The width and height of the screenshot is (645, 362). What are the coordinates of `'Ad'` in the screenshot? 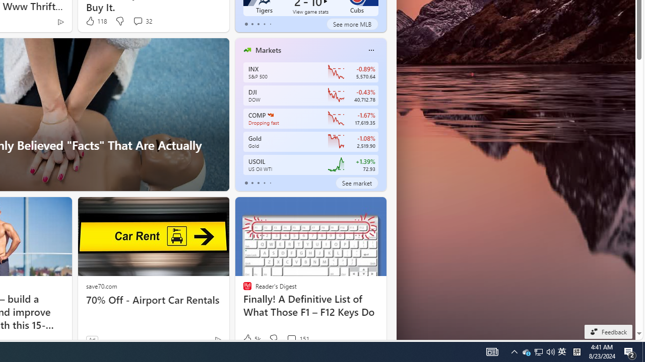 It's located at (92, 339).